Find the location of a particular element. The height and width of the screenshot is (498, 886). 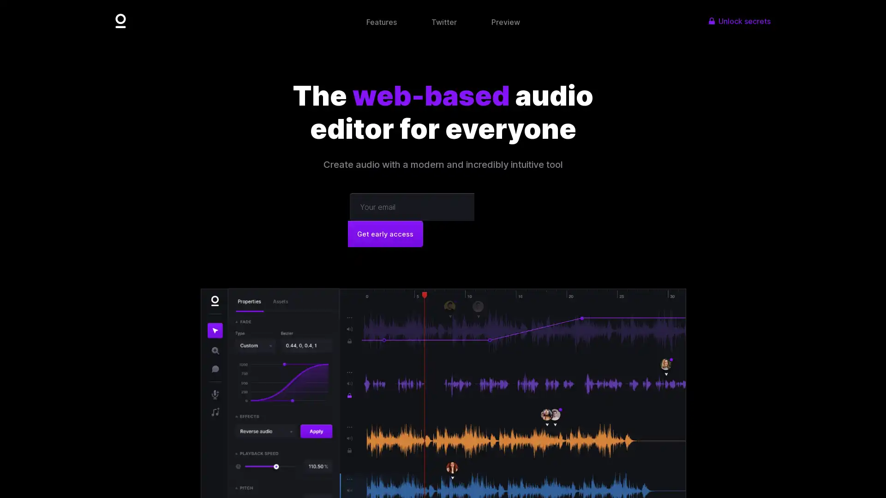

Get early access is located at coordinates (504, 206).